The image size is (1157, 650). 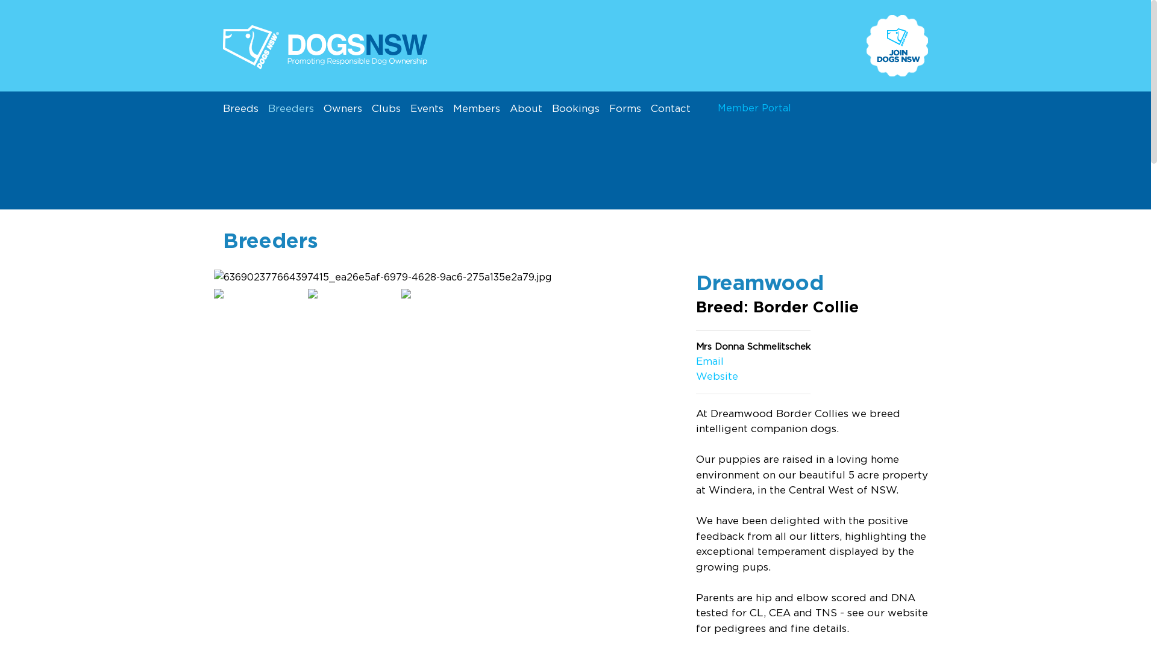 What do you see at coordinates (480, 109) in the screenshot?
I see `'Members'` at bounding box center [480, 109].